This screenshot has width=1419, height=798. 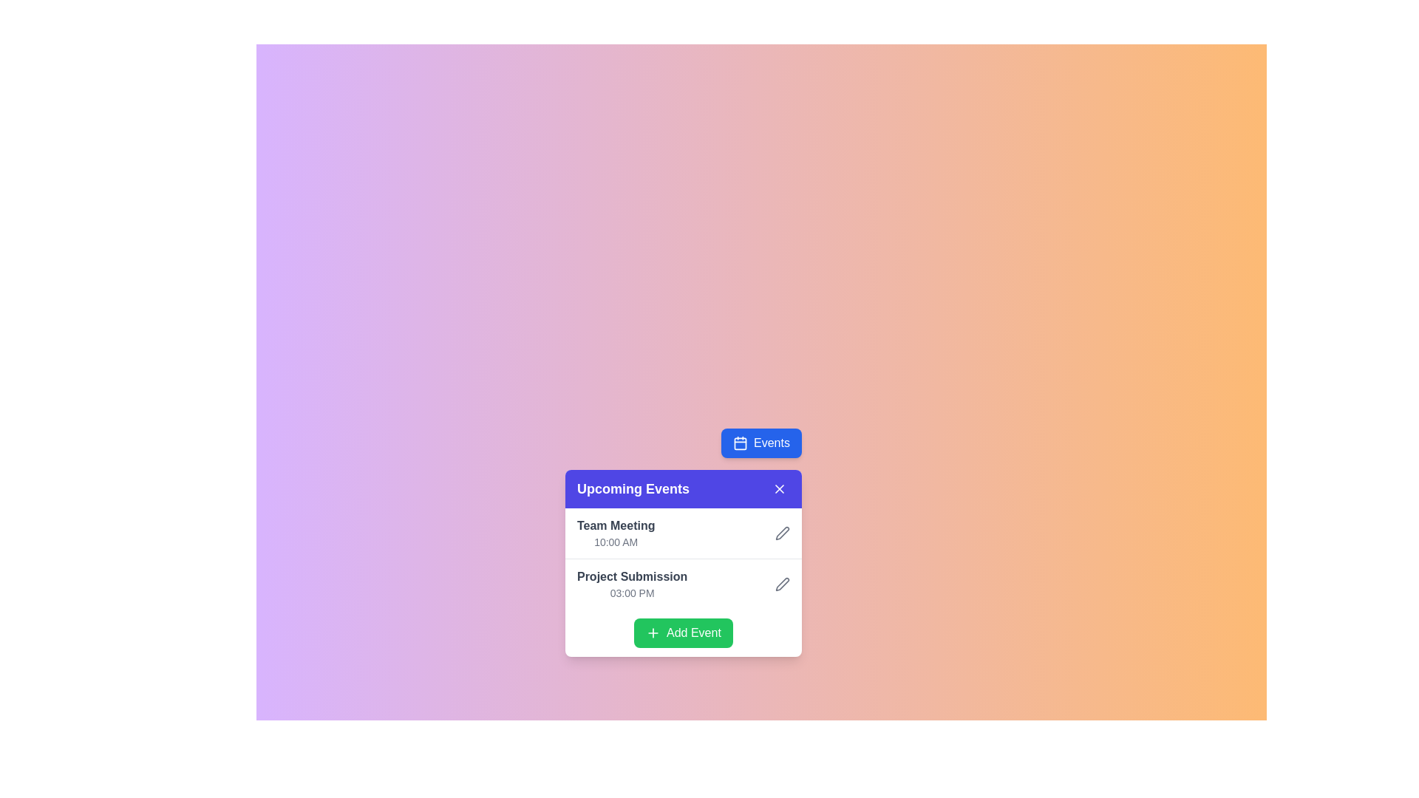 What do you see at coordinates (761, 443) in the screenshot?
I see `the blue button labeled 'Events' with a calendar icon to trigger hover effects` at bounding box center [761, 443].